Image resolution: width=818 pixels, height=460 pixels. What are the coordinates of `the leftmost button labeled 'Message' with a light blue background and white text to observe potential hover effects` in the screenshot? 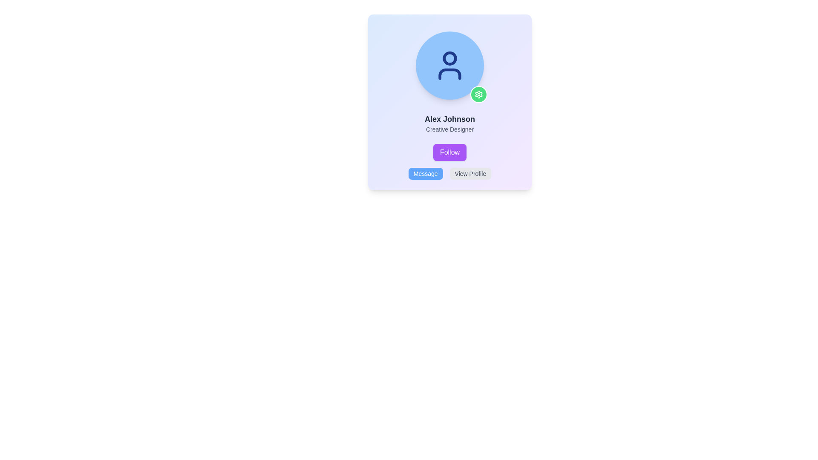 It's located at (426, 173).